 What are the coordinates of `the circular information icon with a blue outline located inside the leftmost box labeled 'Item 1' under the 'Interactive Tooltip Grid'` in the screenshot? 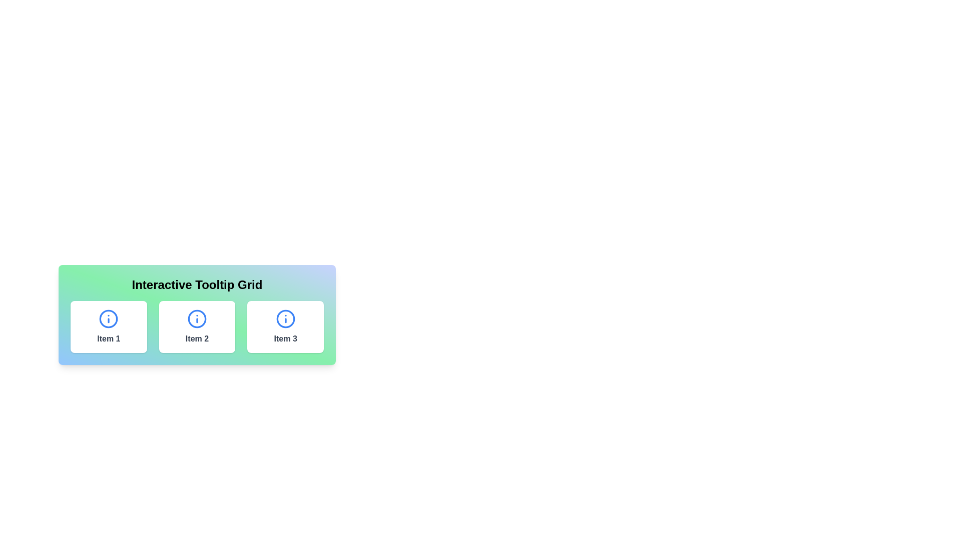 It's located at (109, 318).